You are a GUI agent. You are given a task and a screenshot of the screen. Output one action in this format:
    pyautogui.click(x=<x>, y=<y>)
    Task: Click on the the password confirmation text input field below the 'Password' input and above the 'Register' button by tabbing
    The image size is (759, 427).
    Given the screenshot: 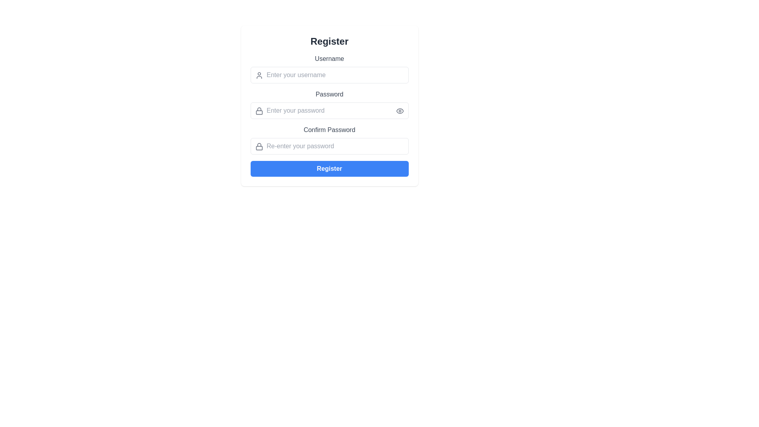 What is the action you would take?
    pyautogui.click(x=329, y=140)
    